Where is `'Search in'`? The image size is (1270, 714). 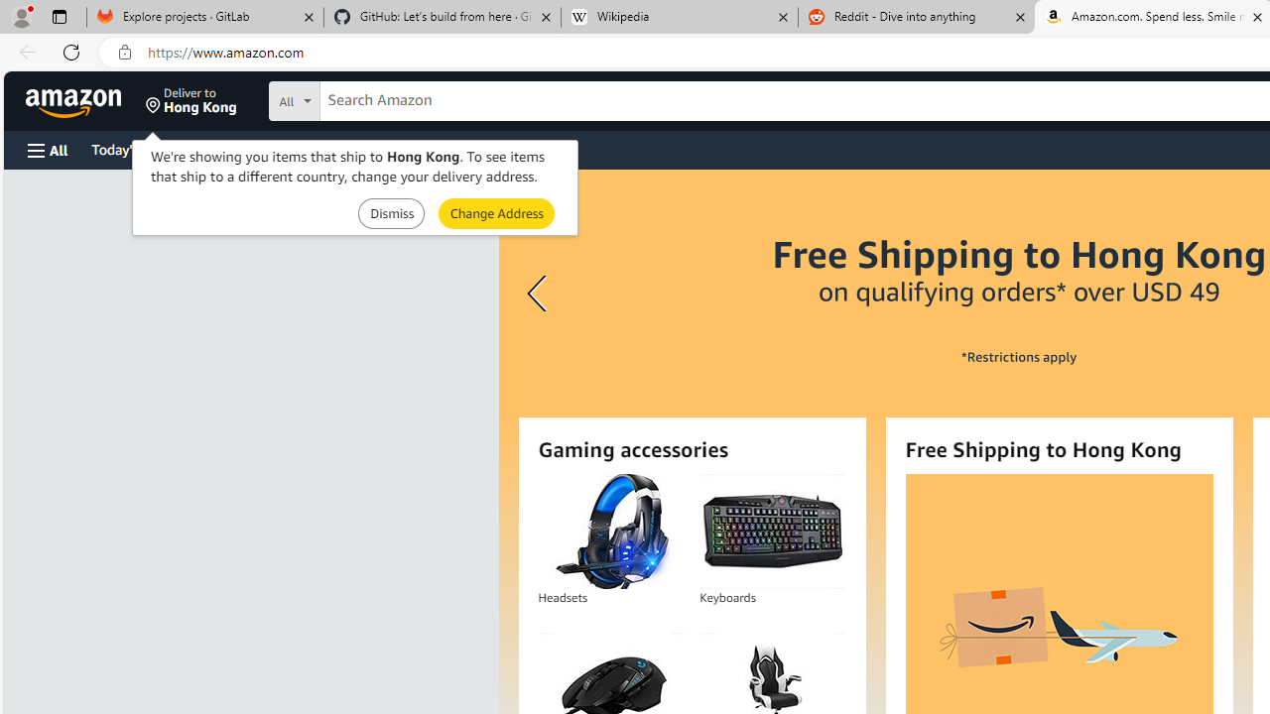
'Search in' is located at coordinates (368, 98).